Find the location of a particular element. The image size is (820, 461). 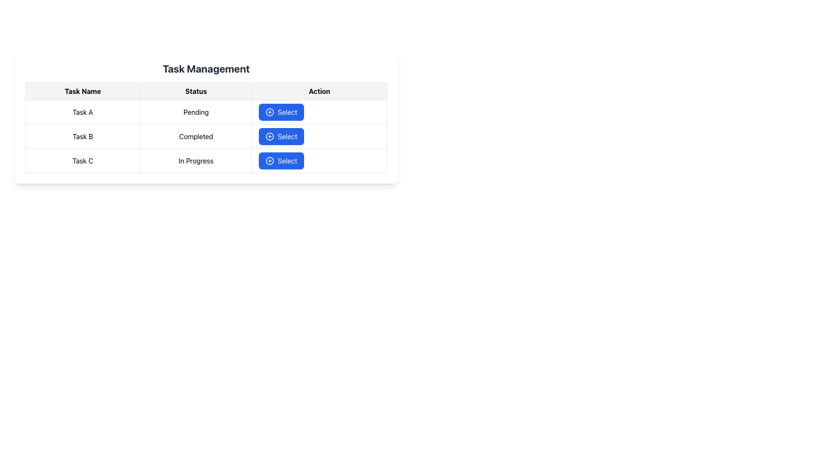

the text label displaying the name 'Task A' in the first row of the task table under the 'Task Name' column is located at coordinates (82, 111).